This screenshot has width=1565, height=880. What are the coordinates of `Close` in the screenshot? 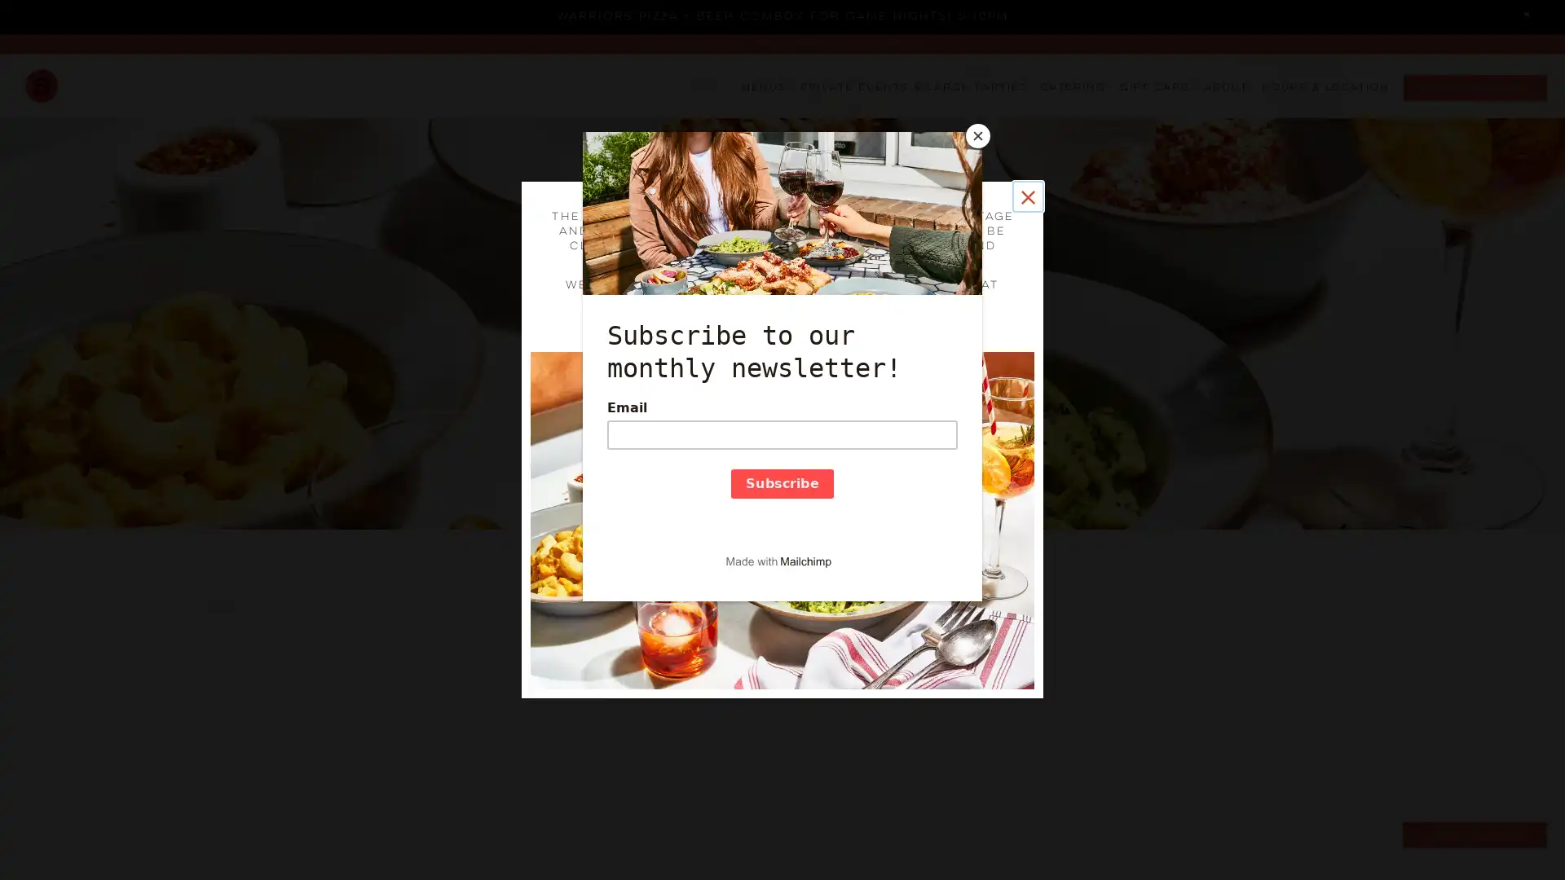 It's located at (1526, 15).